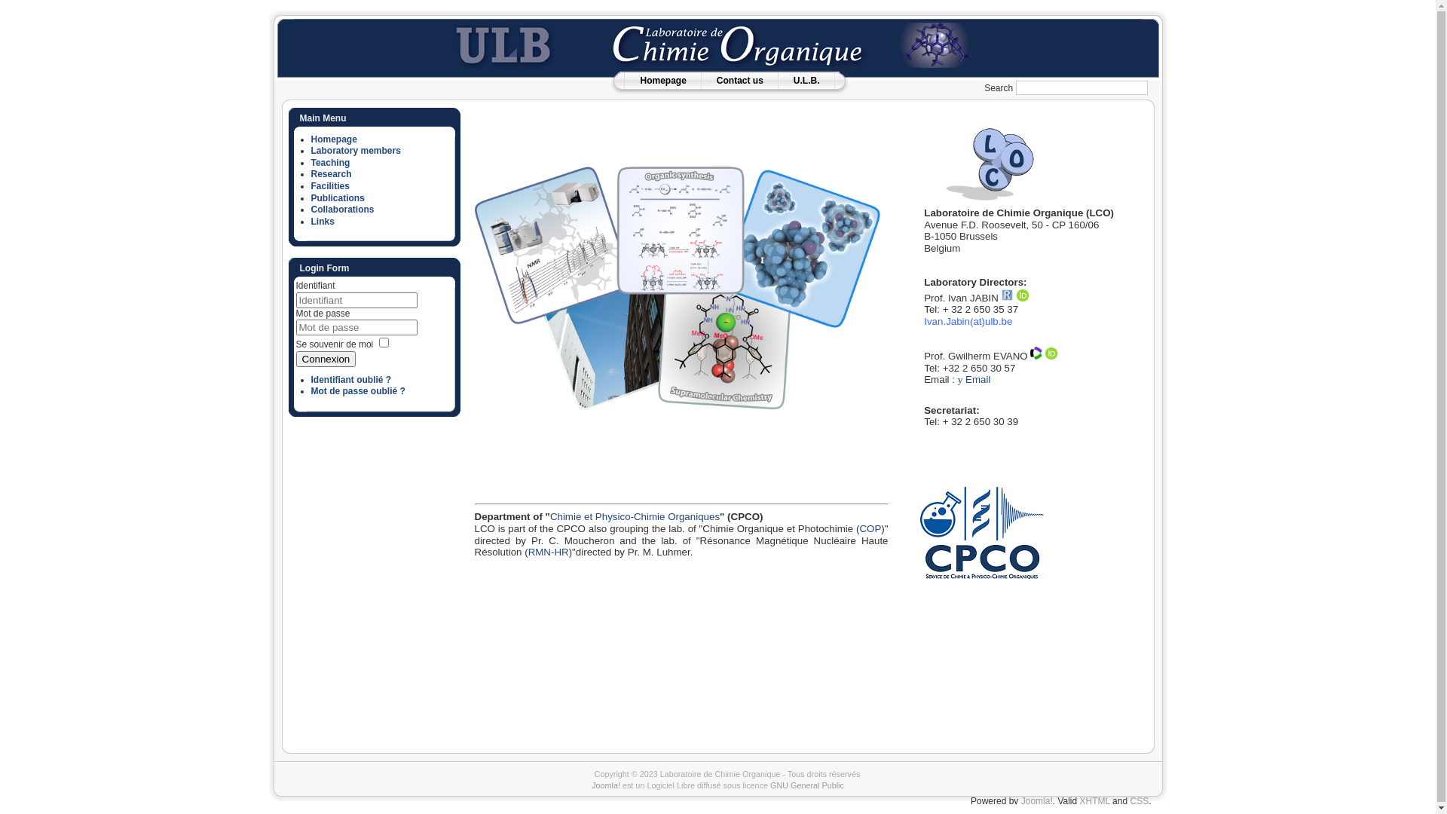 The height and width of the screenshot is (814, 1447). What do you see at coordinates (310, 151) in the screenshot?
I see `'Laboratory members'` at bounding box center [310, 151].